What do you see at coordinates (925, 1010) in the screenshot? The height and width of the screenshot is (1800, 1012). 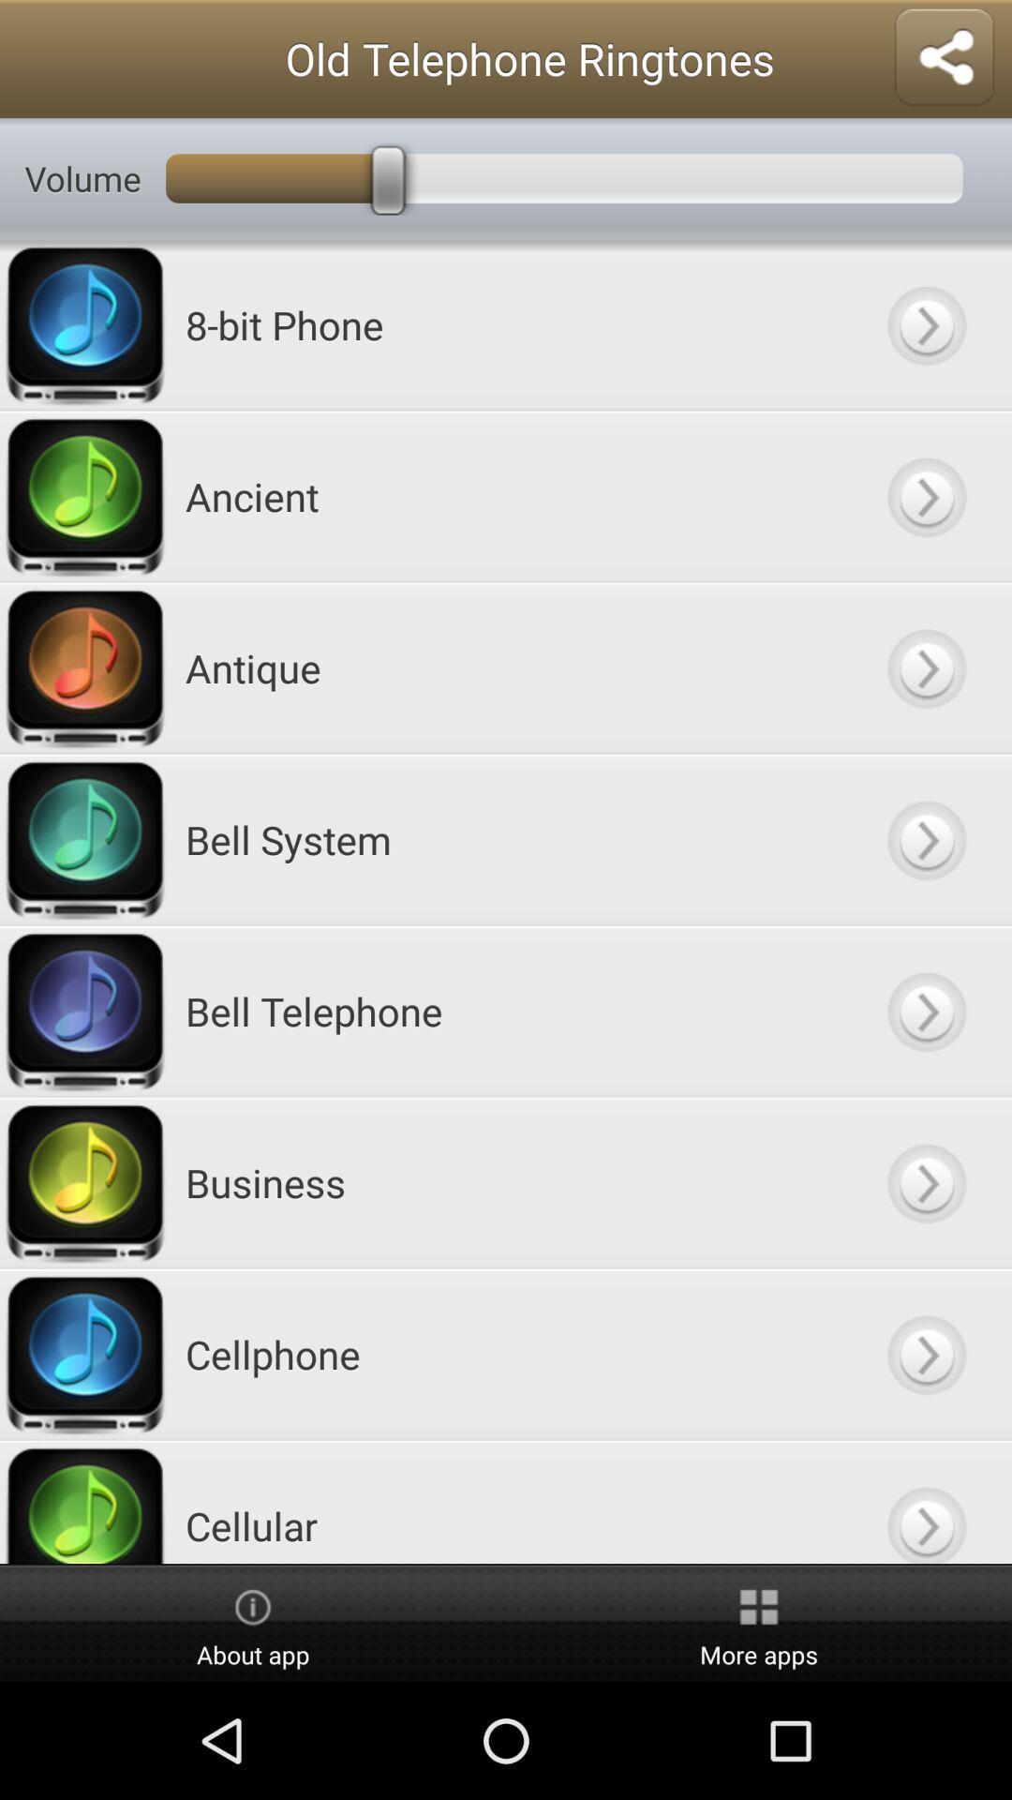 I see `bell telephone sound` at bounding box center [925, 1010].